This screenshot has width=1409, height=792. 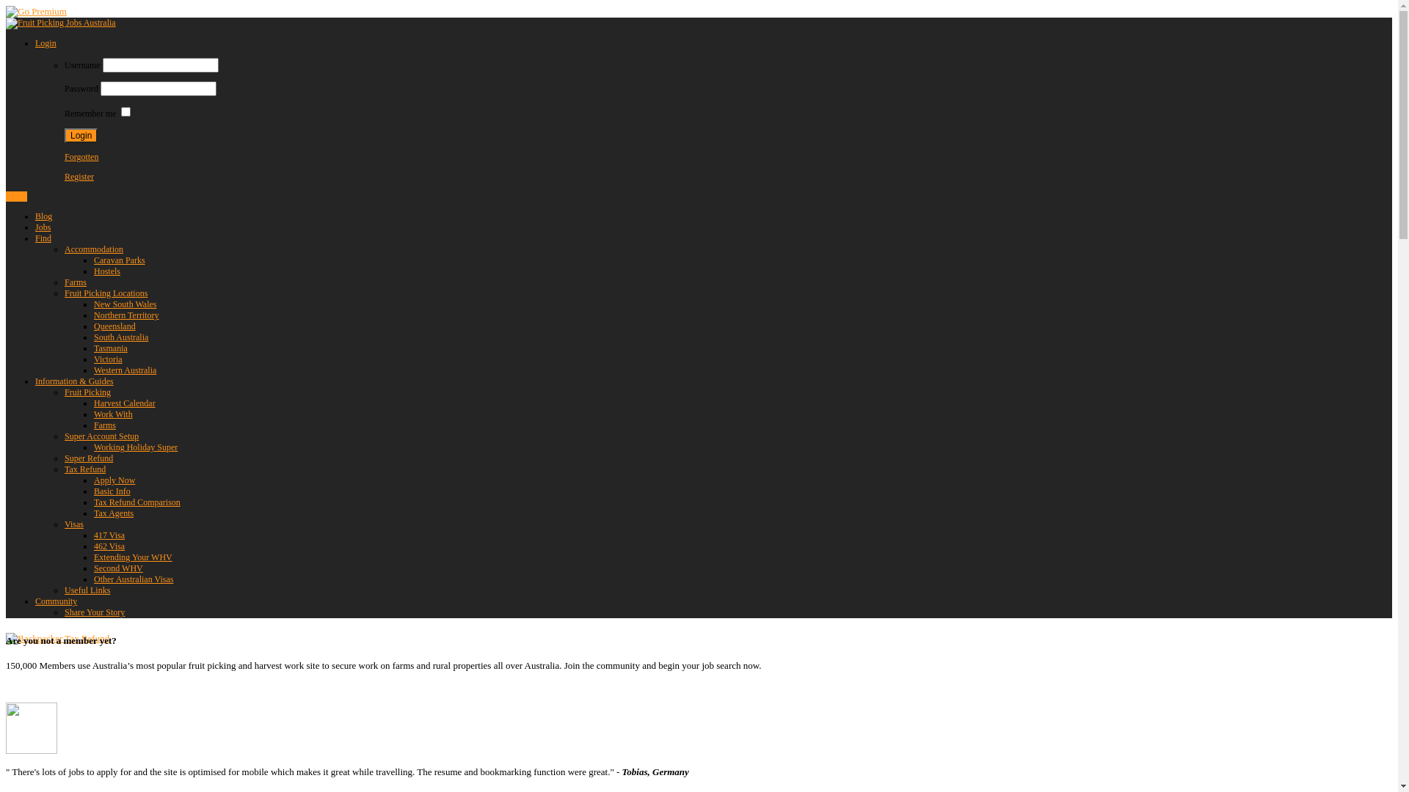 What do you see at coordinates (134, 579) in the screenshot?
I see `'Other Australian Visas'` at bounding box center [134, 579].